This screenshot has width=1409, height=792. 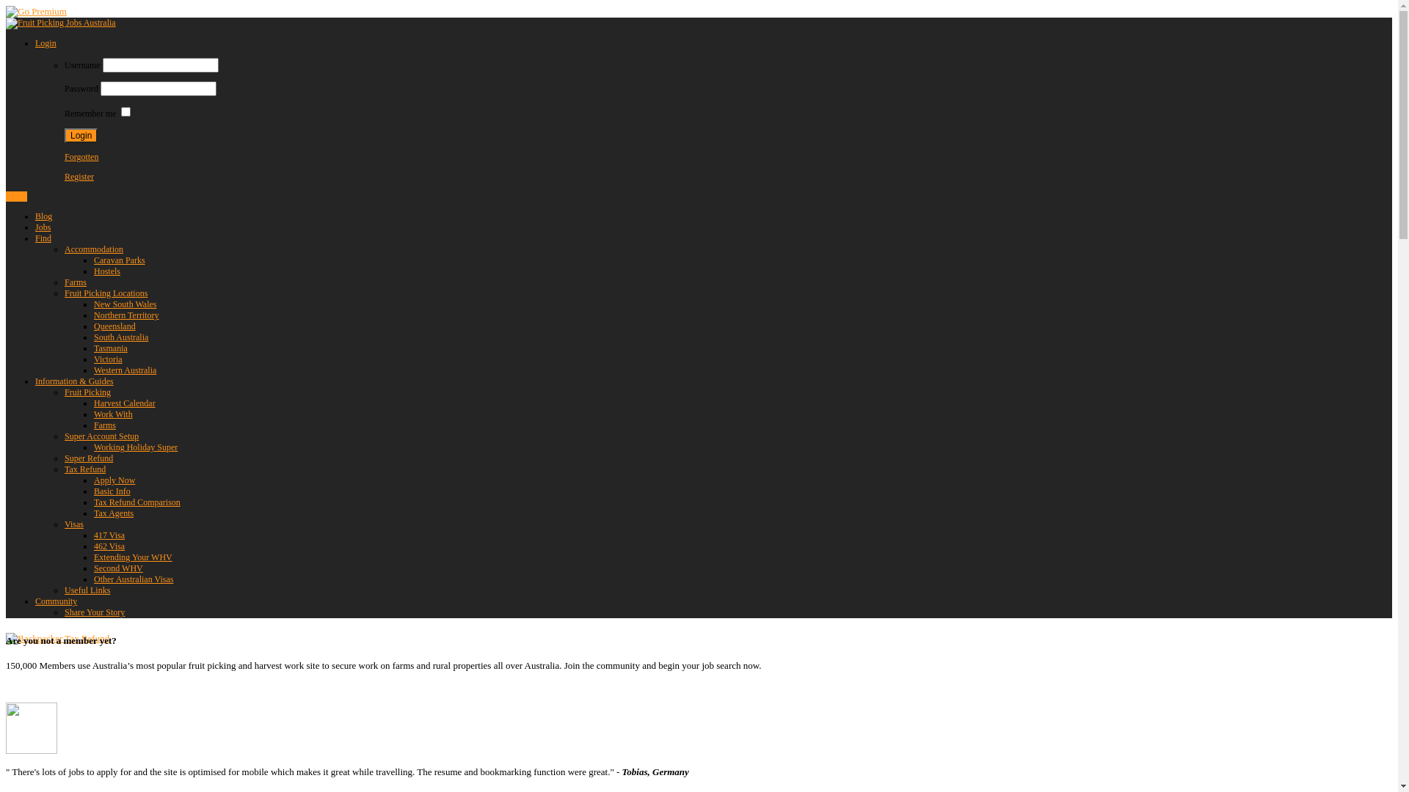 What do you see at coordinates (134, 579) in the screenshot?
I see `'Other Australian Visas'` at bounding box center [134, 579].